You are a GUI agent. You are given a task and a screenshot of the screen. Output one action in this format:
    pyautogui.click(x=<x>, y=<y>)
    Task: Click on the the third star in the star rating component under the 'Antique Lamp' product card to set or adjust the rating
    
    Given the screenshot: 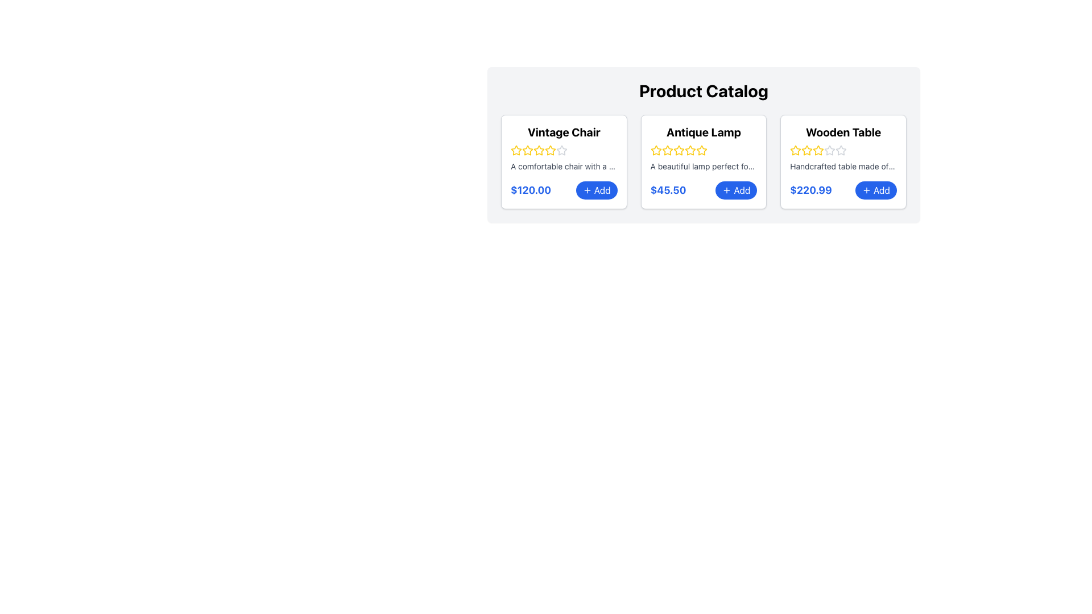 What is the action you would take?
    pyautogui.click(x=689, y=150)
    